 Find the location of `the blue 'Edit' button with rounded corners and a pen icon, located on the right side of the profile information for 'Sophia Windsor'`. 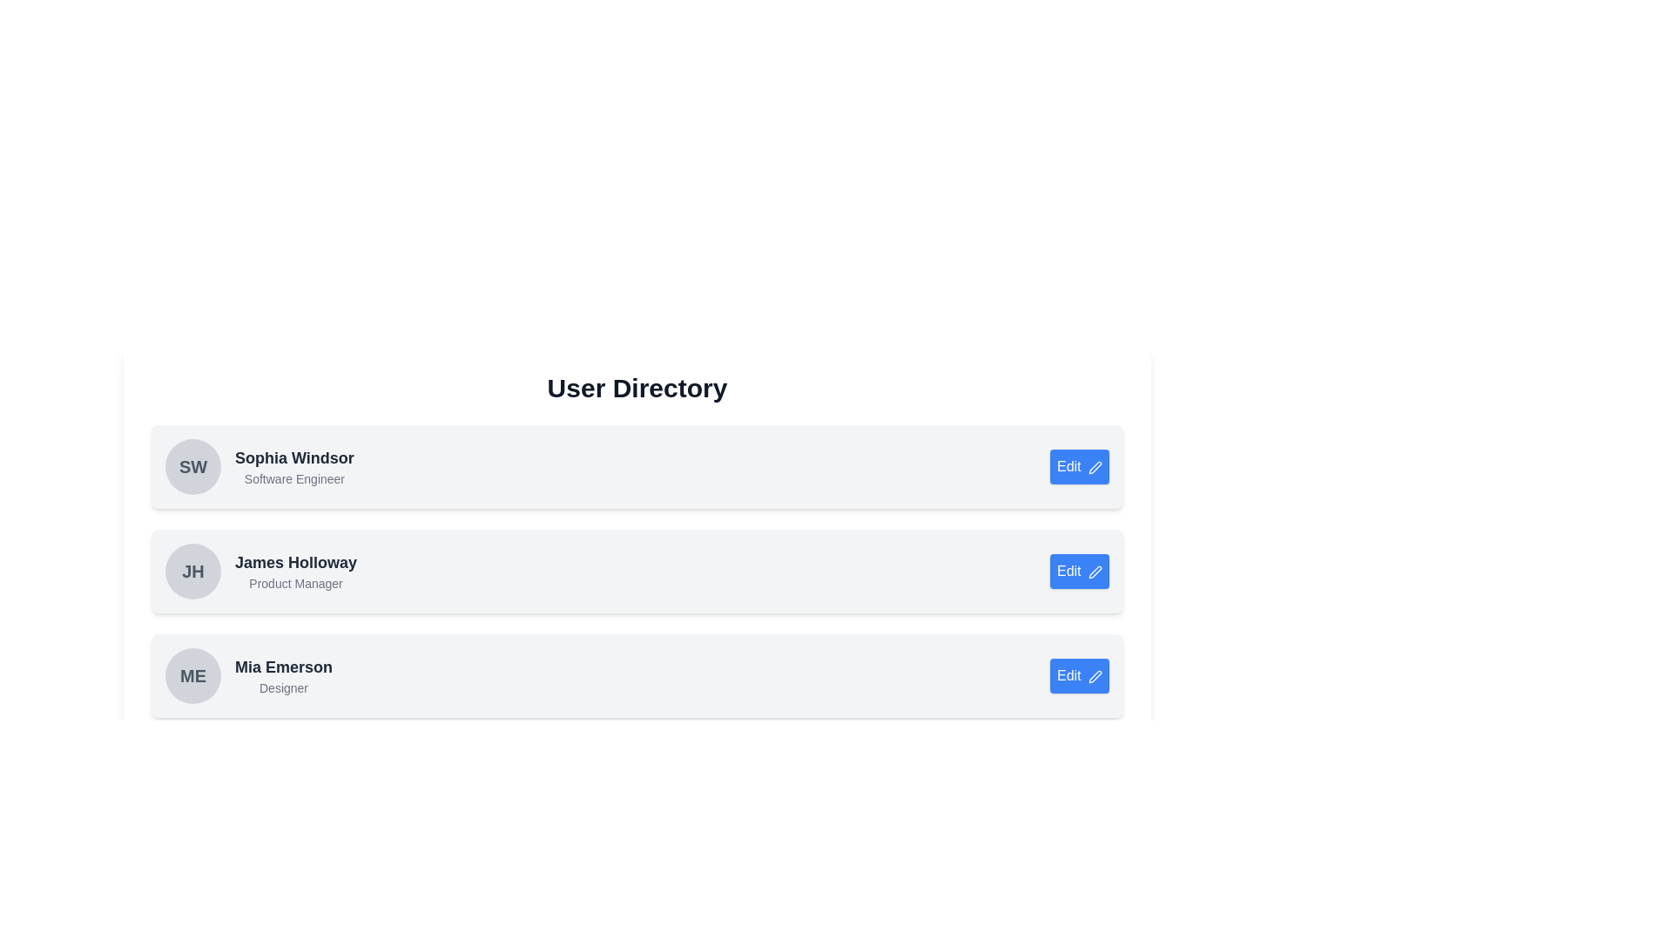

the blue 'Edit' button with rounded corners and a pen icon, located on the right side of the profile information for 'Sophia Windsor' is located at coordinates (1078, 466).